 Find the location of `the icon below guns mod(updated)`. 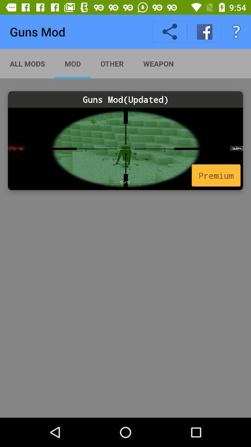

the icon below guns mod(updated) is located at coordinates (125, 149).